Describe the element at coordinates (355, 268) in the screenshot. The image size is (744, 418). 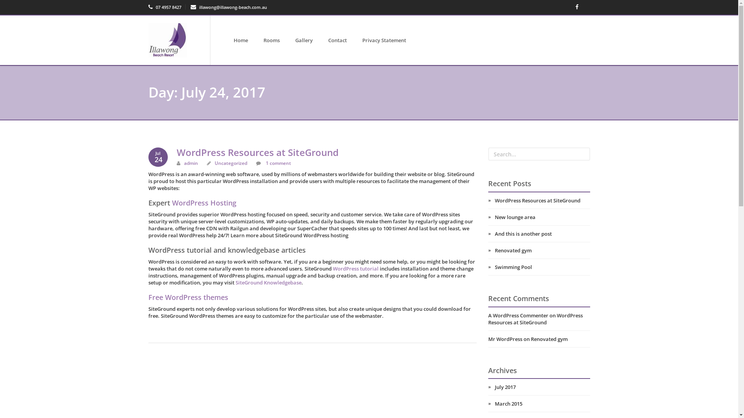
I see `'WordPress tutorial'` at that location.